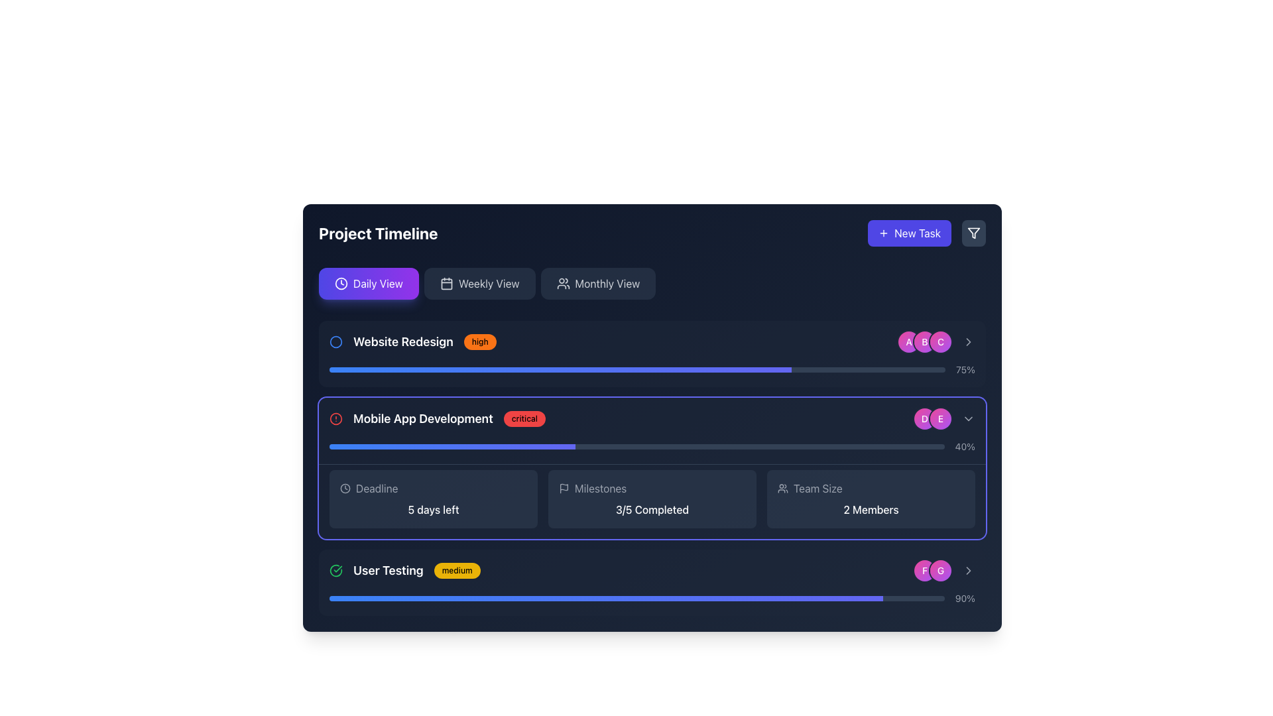 This screenshot has width=1273, height=716. I want to click on the Text Label displaying '3/5 Completed' in white color within the 'Milestones' sub-panel of the 'Mobile App Development' section, so click(652, 508).